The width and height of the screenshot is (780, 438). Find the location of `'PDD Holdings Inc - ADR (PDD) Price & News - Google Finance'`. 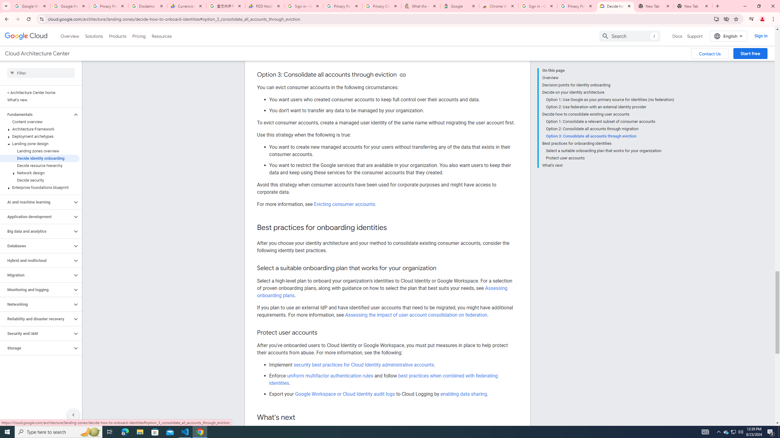

'PDD Holdings Inc - ADR (PDD) Price & News - Google Finance' is located at coordinates (264, 6).